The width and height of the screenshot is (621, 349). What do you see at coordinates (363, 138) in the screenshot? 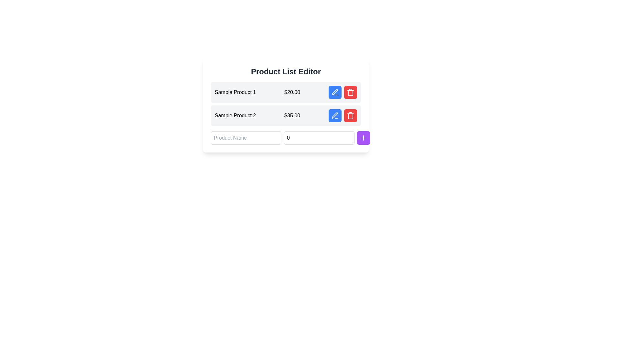
I see `the plus sign button with a purple circular background located at the bottom-right corner of the form` at bounding box center [363, 138].